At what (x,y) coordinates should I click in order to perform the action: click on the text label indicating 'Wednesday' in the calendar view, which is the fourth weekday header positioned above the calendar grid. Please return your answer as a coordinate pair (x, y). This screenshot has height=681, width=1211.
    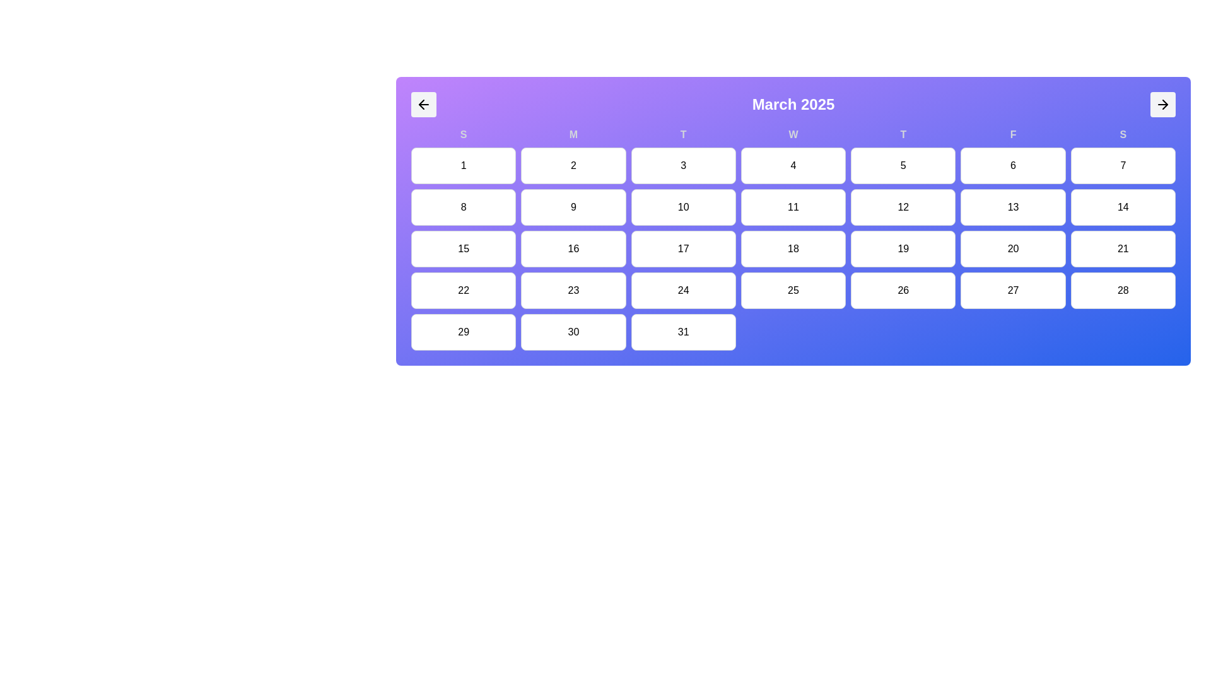
    Looking at the image, I should click on (792, 134).